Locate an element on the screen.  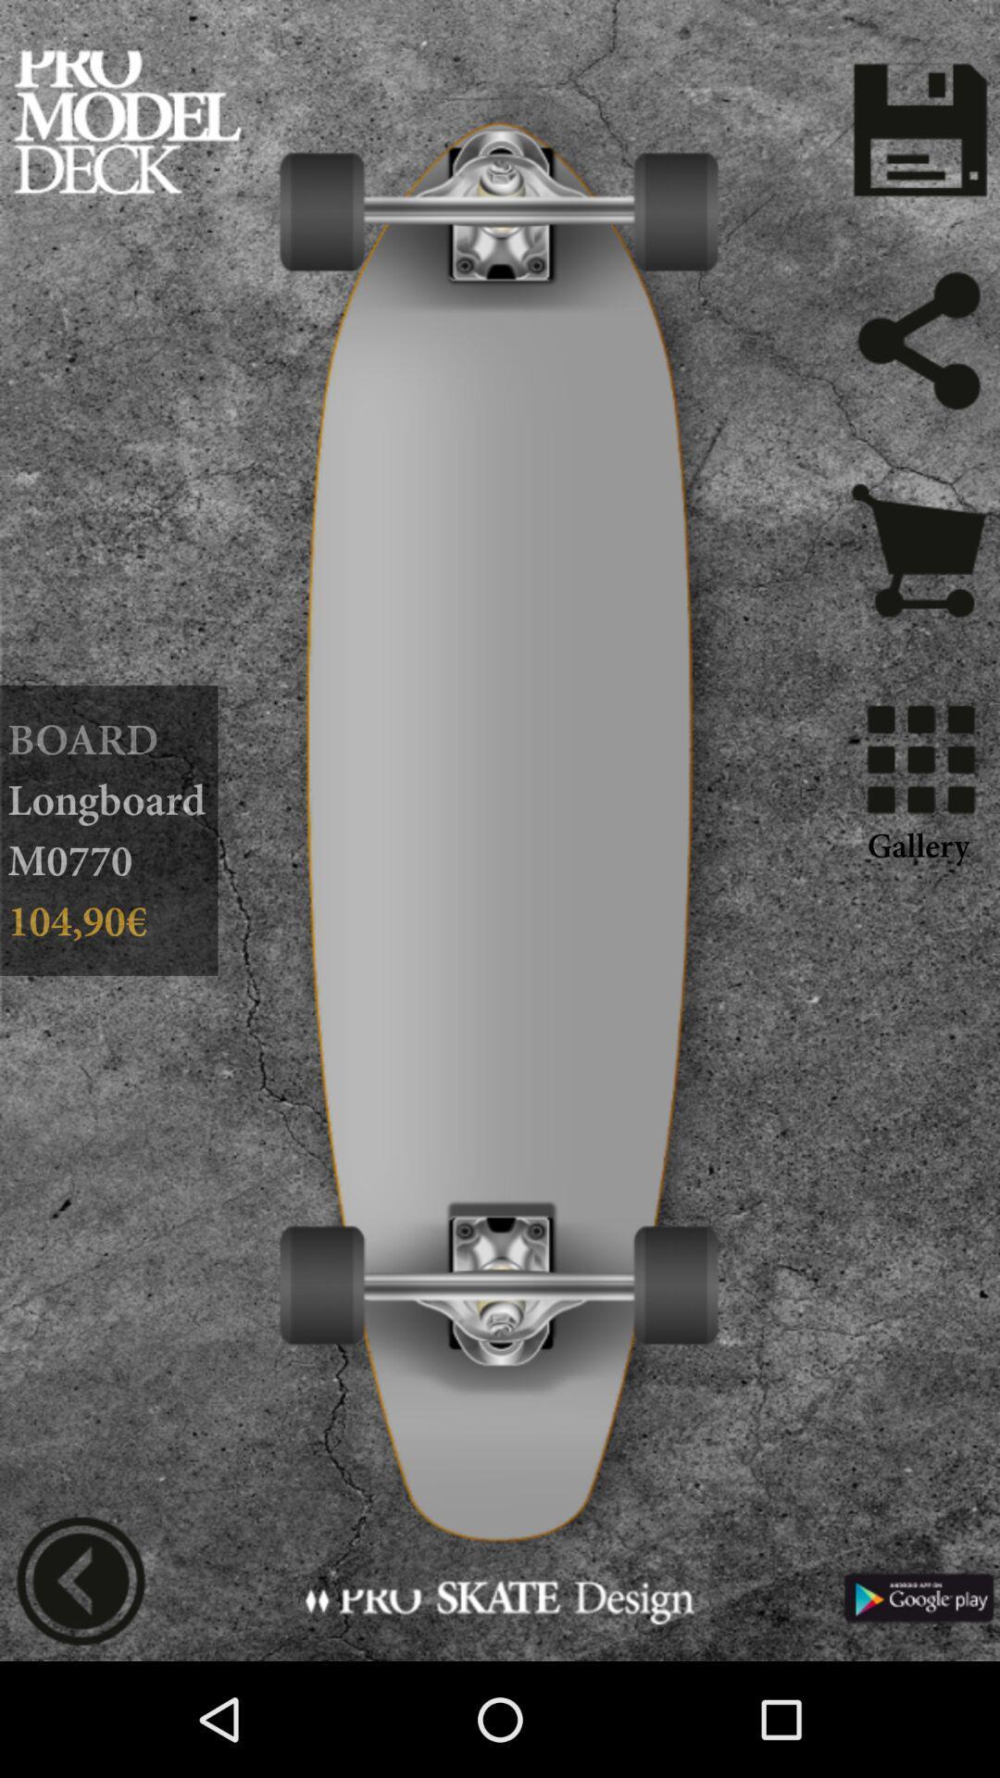
the arrow_backward icon is located at coordinates (80, 1691).